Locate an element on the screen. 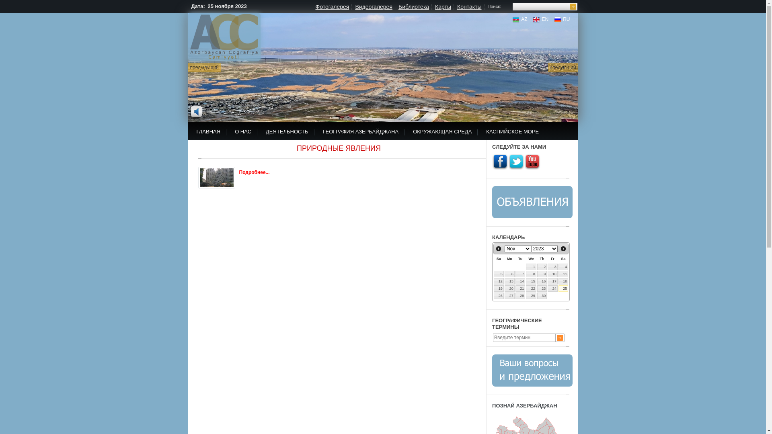  '18' is located at coordinates (563, 280).